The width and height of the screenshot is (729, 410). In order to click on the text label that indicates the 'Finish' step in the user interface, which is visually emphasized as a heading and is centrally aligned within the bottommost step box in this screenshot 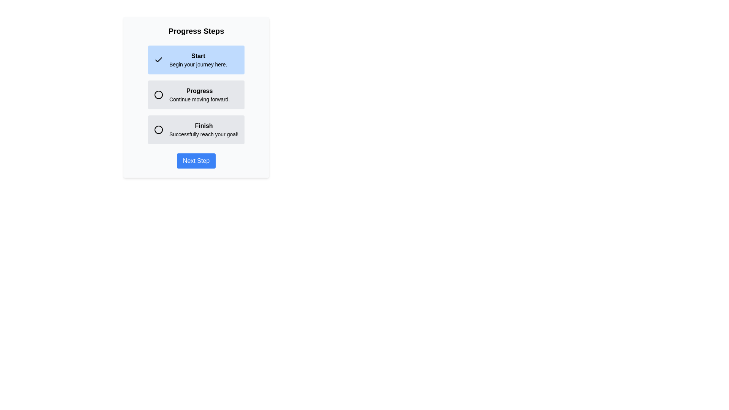, I will do `click(204, 125)`.